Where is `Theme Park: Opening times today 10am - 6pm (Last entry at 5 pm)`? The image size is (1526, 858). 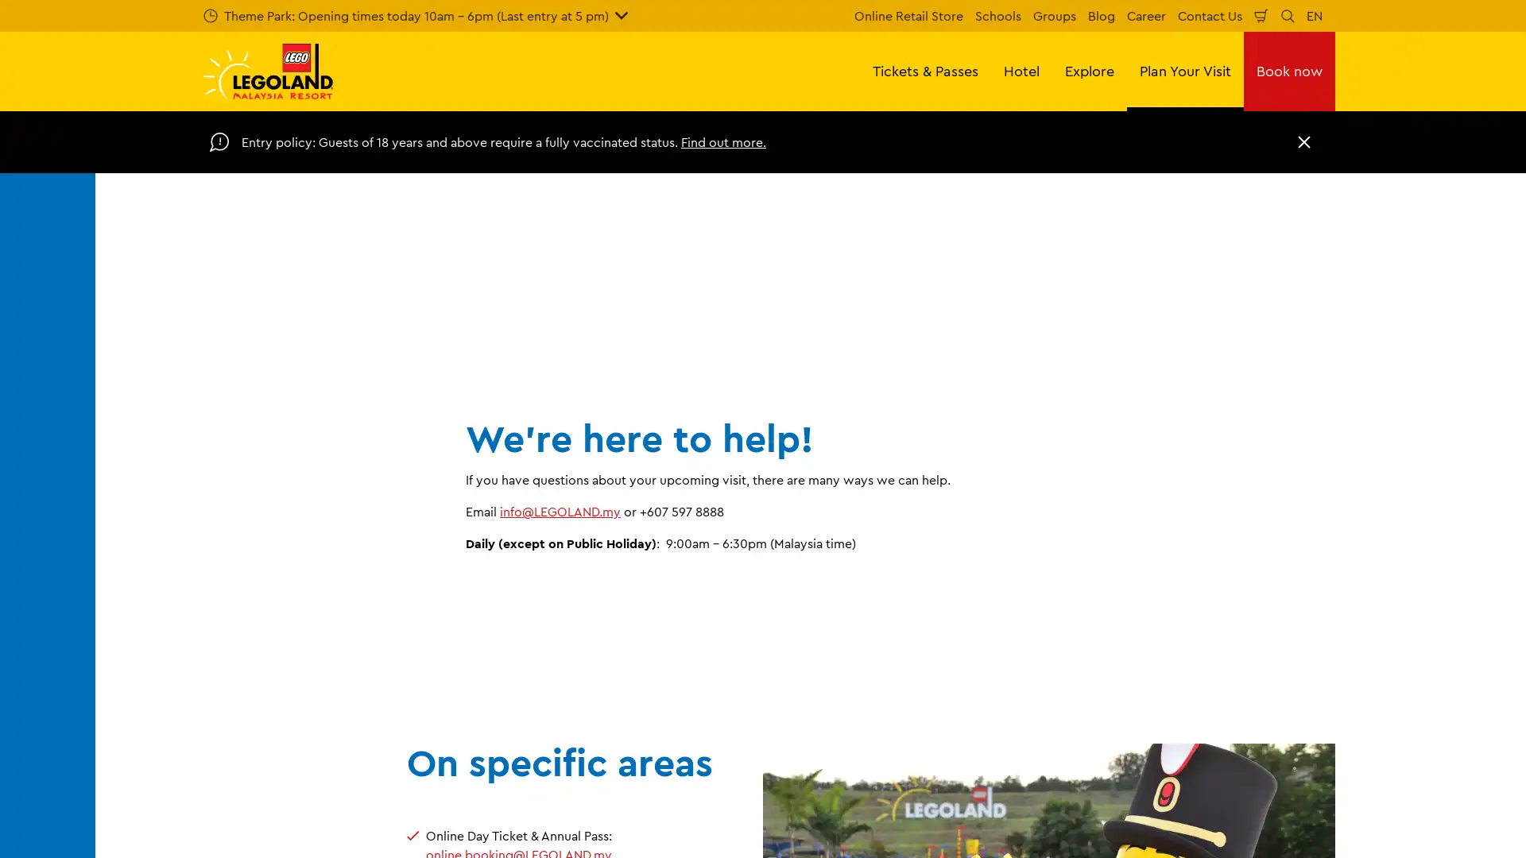
Theme Park: Opening times today 10am - 6pm (Last entry at 5 pm) is located at coordinates (416, 15).